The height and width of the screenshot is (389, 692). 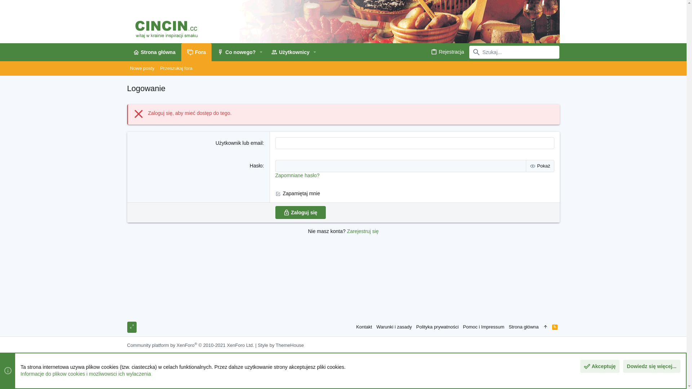 I want to click on 'Kontakt', so click(x=364, y=327).